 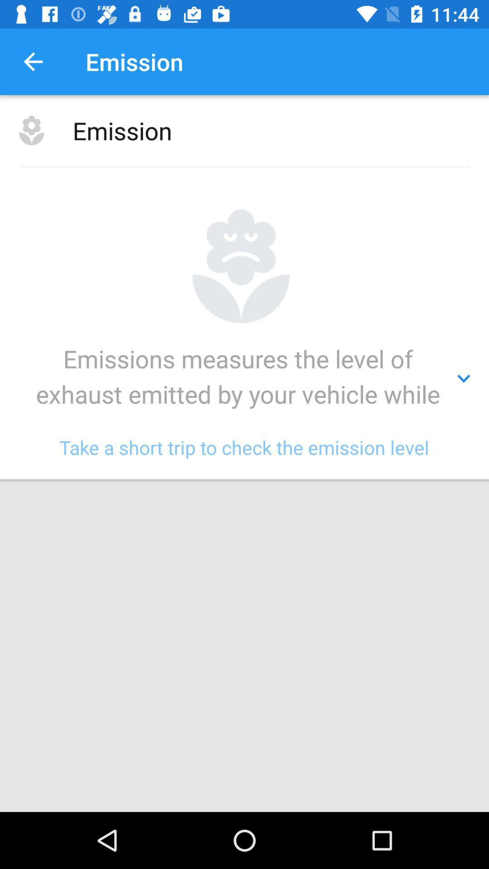 What do you see at coordinates (33, 61) in the screenshot?
I see `item above the emission` at bounding box center [33, 61].